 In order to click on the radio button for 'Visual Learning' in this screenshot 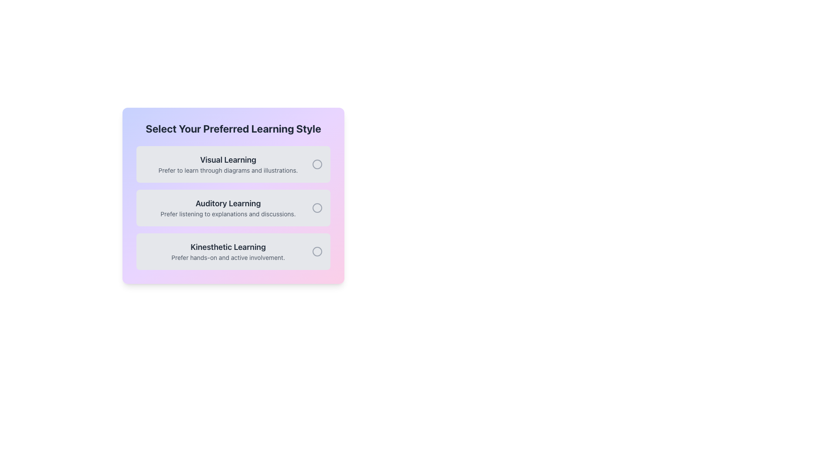, I will do `click(317, 164)`.